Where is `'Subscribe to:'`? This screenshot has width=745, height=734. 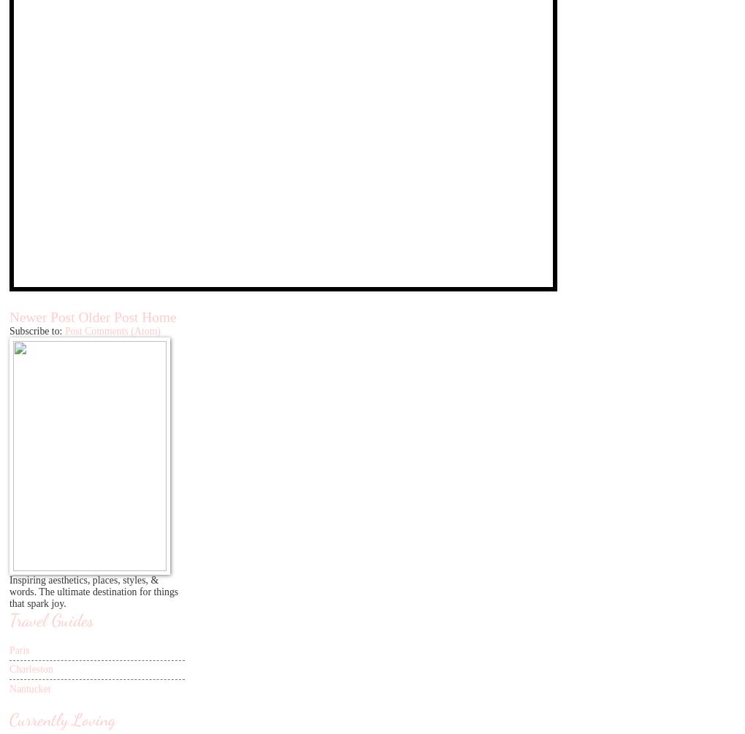 'Subscribe to:' is located at coordinates (37, 331).